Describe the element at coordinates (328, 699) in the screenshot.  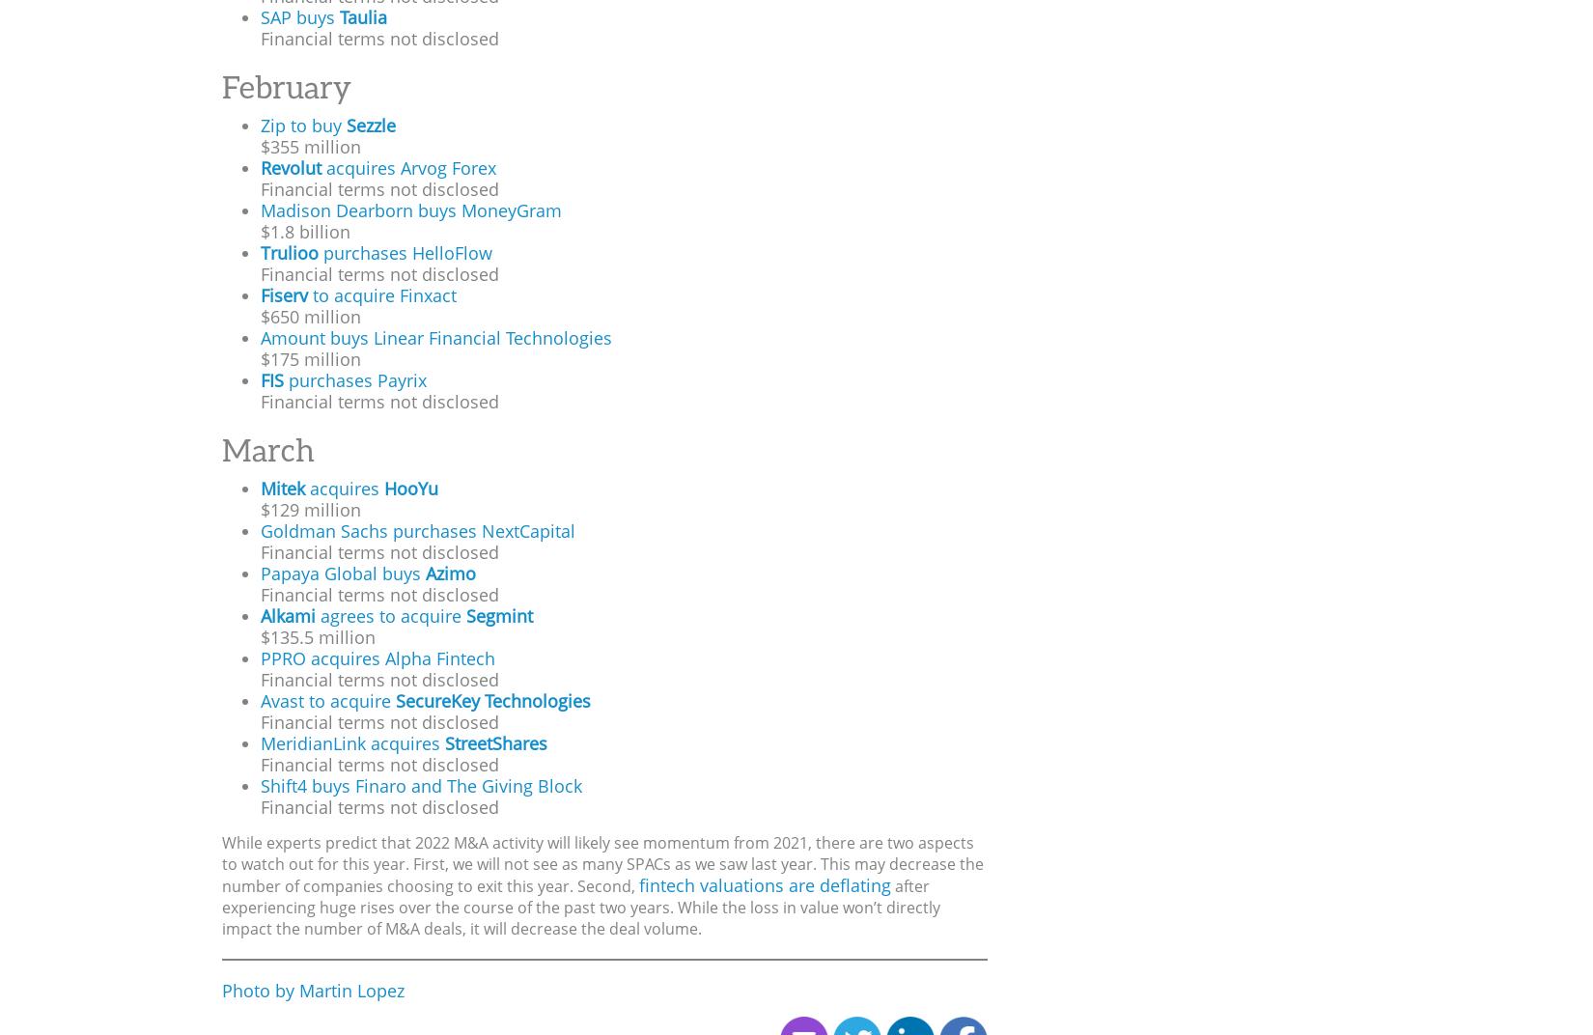
I see `'Avast to acquire'` at that location.